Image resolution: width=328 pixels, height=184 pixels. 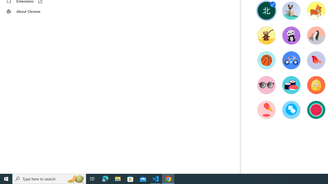 I want to click on 'Microsoft Edge', so click(x=105, y=178).